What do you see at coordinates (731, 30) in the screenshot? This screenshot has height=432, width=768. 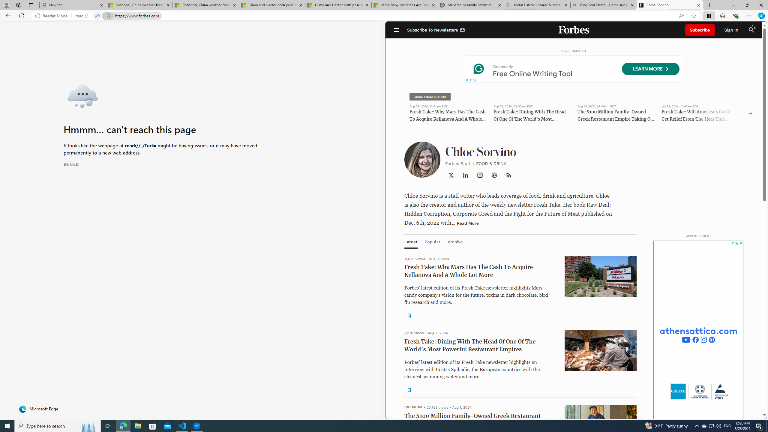 I see `'Sign In'` at bounding box center [731, 30].